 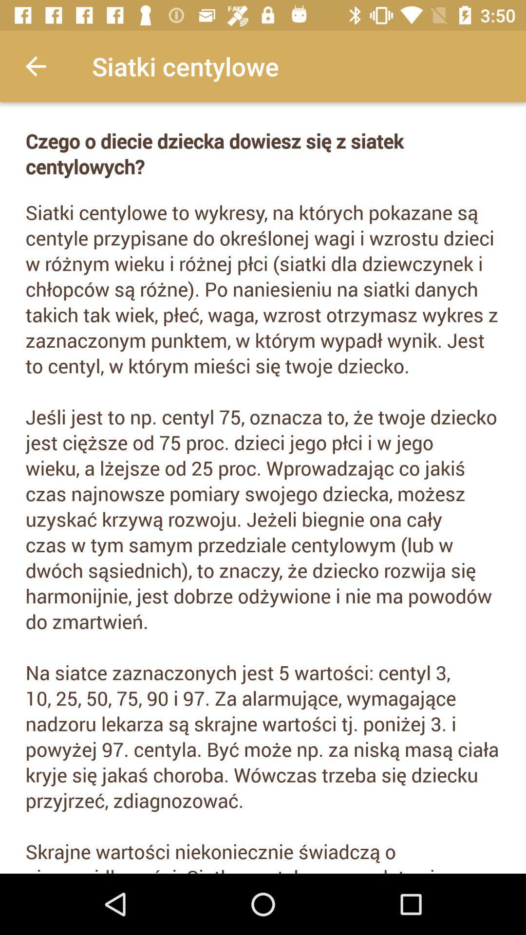 What do you see at coordinates (35, 66) in the screenshot?
I see `the icon next to the siatki centylowe icon` at bounding box center [35, 66].